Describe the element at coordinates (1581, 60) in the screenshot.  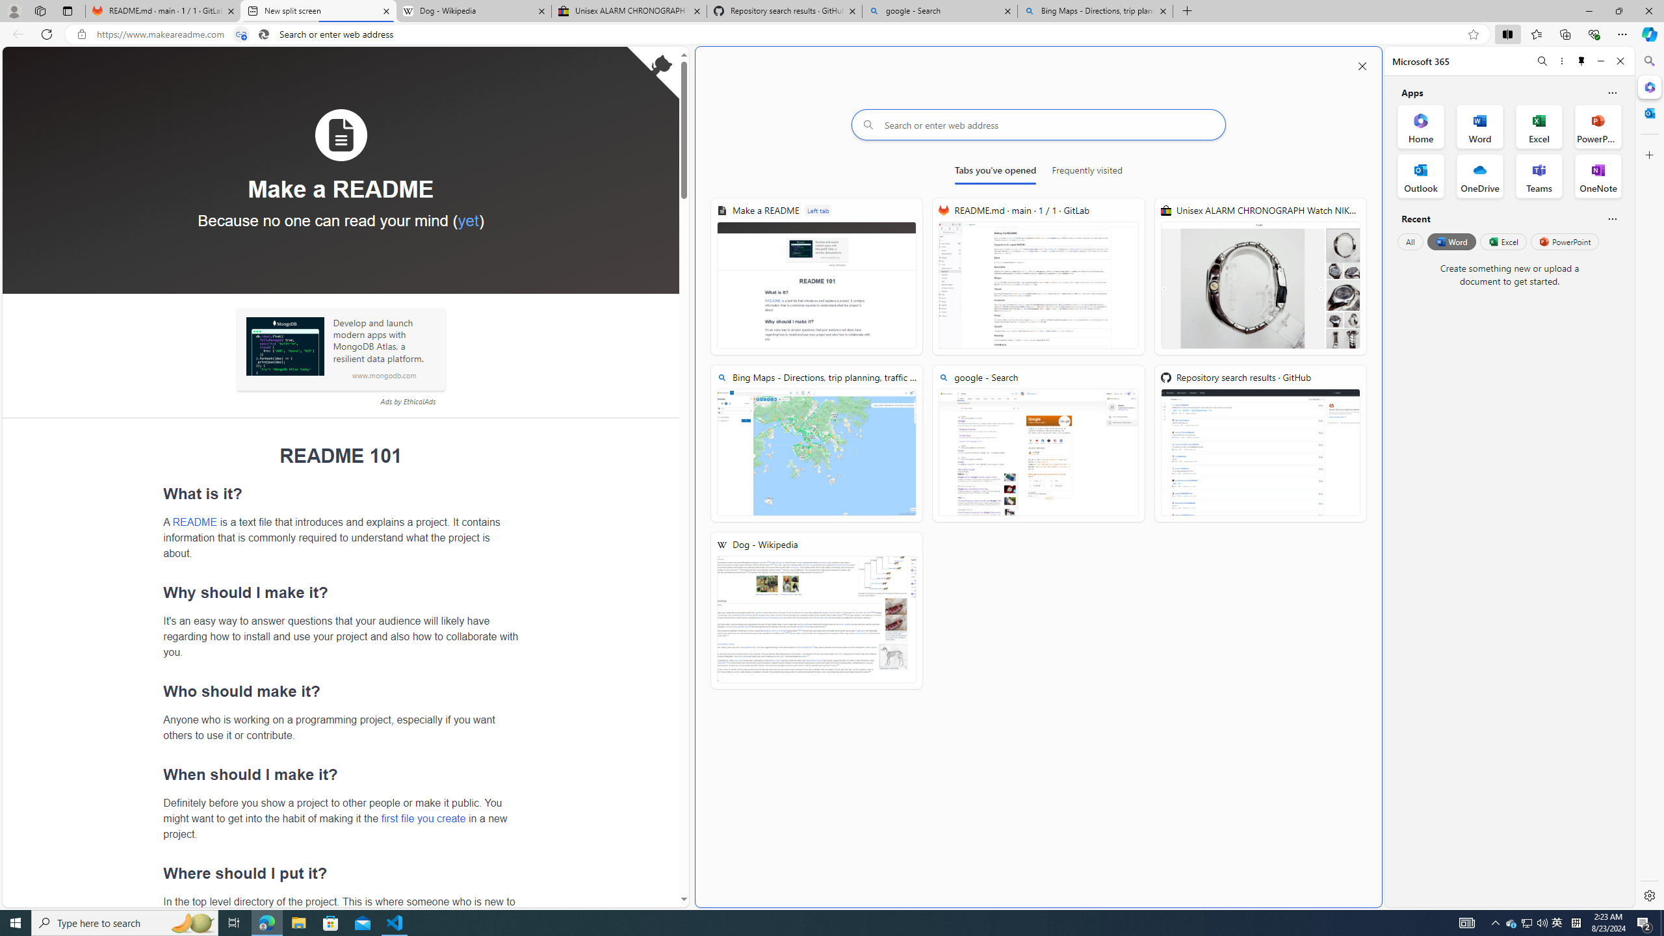
I see `'Unpin side pane'` at that location.